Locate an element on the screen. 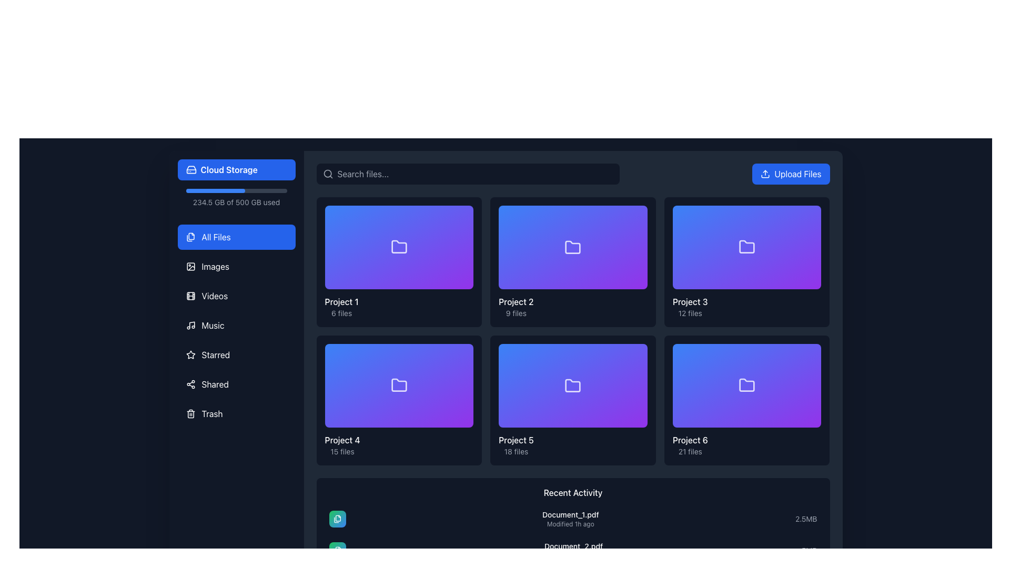 The image size is (1010, 568). the folder icon labeled 'Project 5' under the 'All Files' section is located at coordinates (572, 385).